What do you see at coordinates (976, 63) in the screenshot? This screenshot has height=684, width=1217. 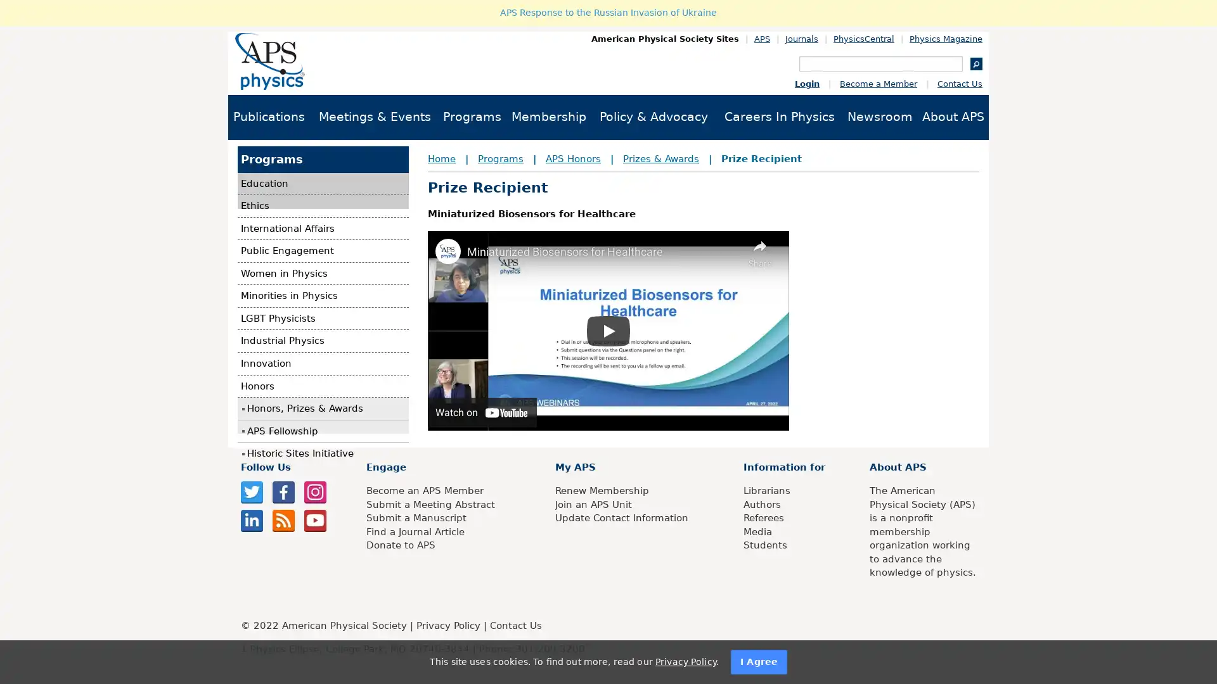 I see `Search` at bounding box center [976, 63].